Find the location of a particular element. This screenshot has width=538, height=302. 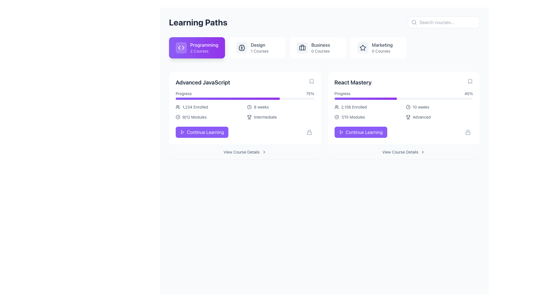

the lock icon located to the right of the 'Continue Learning' button in the 'React Mastery' course panel, indicating that the feature is locked is located at coordinates (468, 132).